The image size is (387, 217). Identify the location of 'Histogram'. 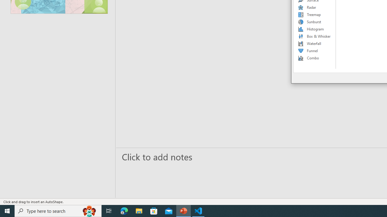
(314, 29).